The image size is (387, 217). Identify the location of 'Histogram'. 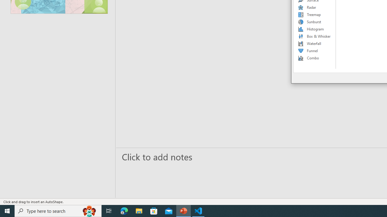
(314, 29).